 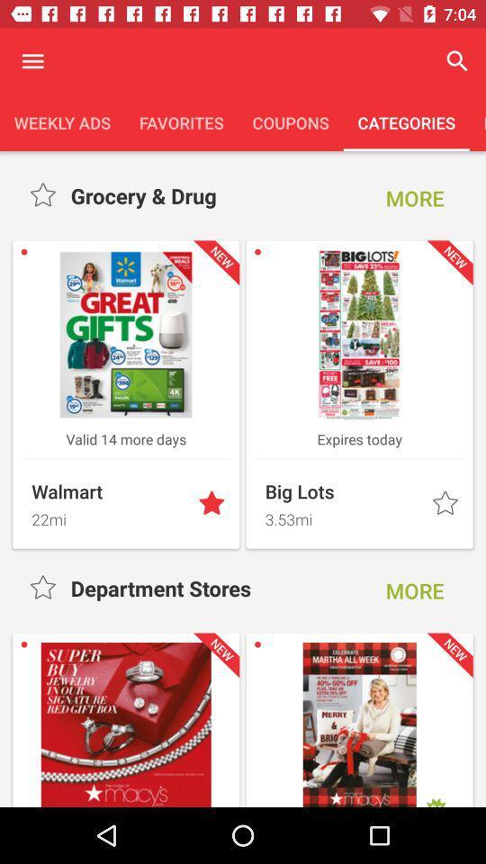 What do you see at coordinates (32, 61) in the screenshot?
I see `menu bar` at bounding box center [32, 61].